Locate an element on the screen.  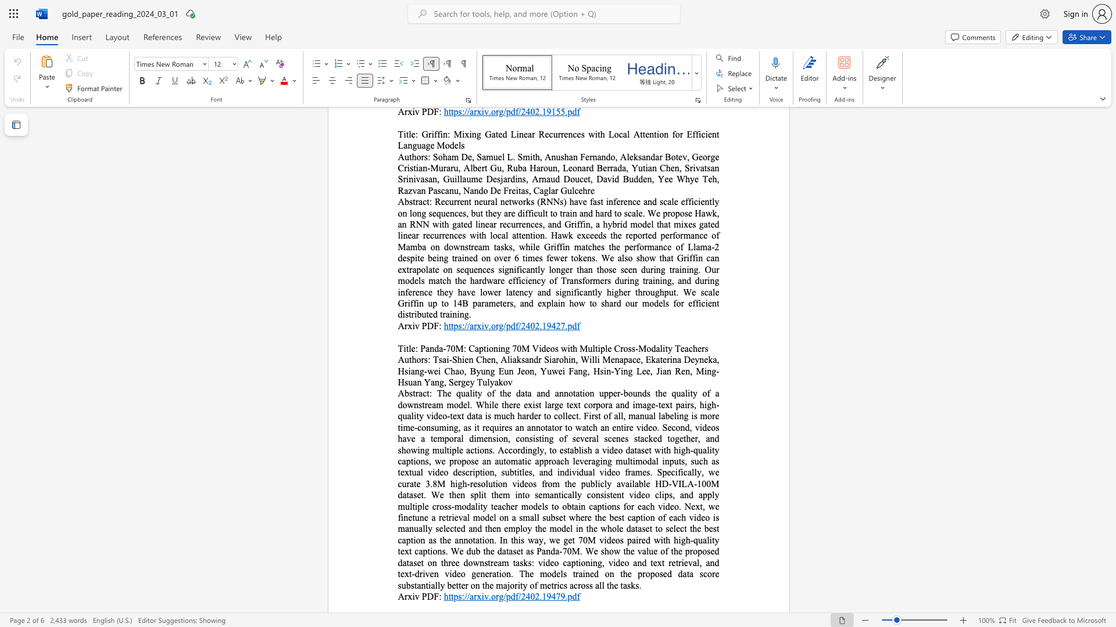
the subset text "tract" within the text "Abstract:" is located at coordinates (413, 392).